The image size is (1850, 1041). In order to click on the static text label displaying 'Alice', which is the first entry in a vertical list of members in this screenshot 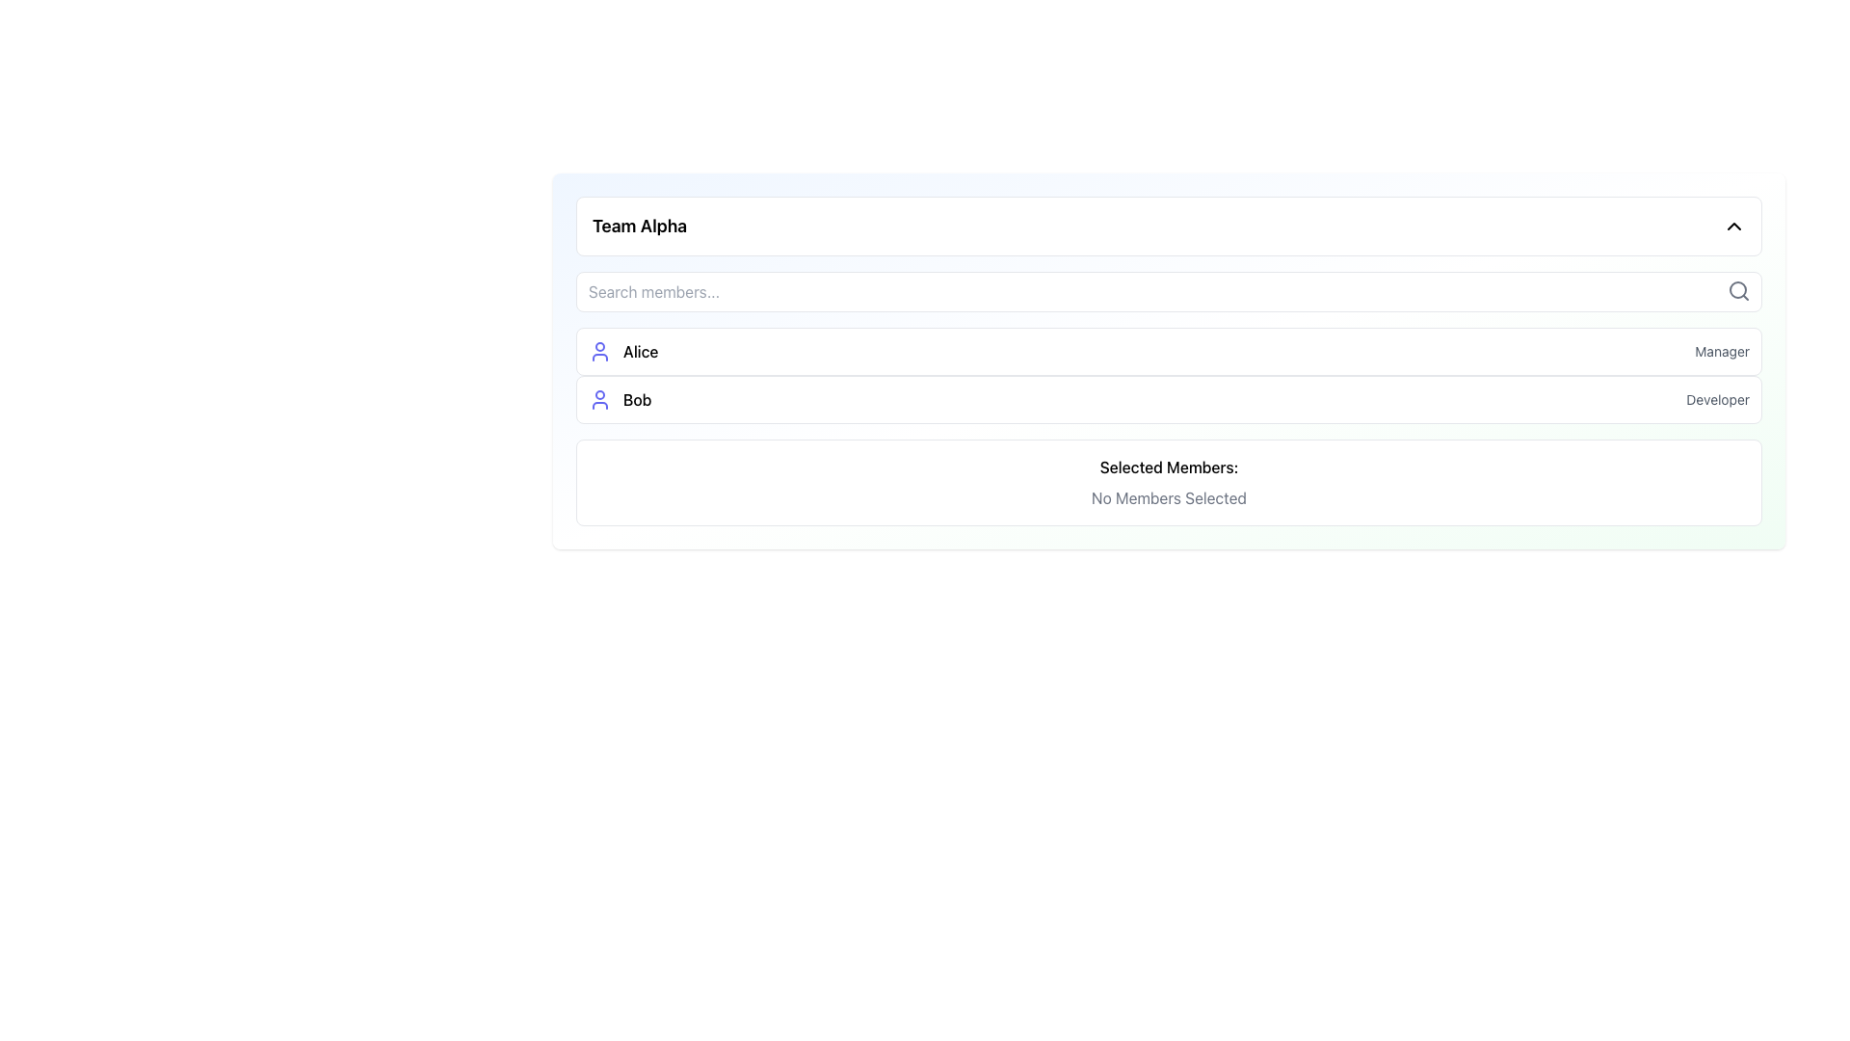, I will do `click(641, 352)`.